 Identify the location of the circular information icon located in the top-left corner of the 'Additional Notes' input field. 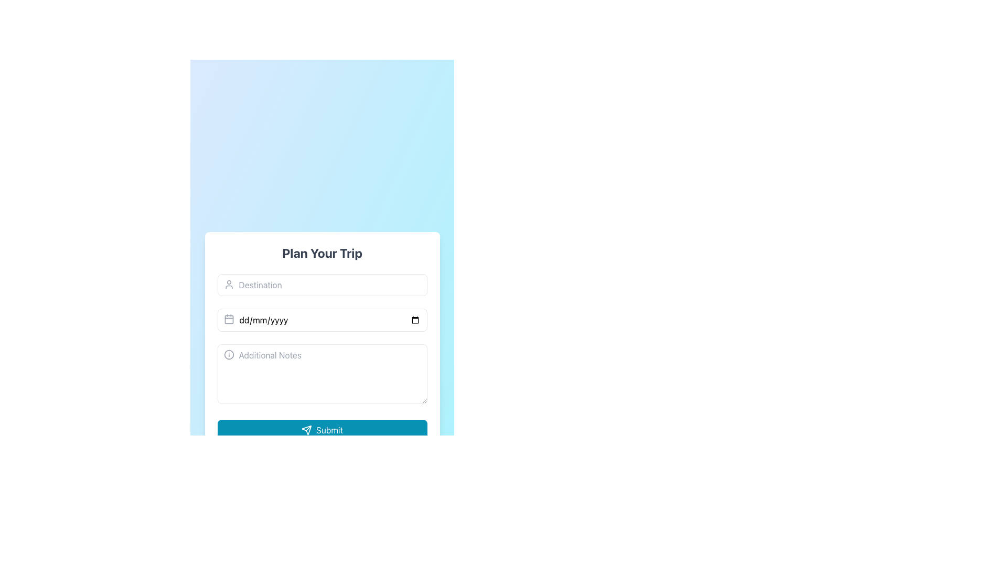
(228, 354).